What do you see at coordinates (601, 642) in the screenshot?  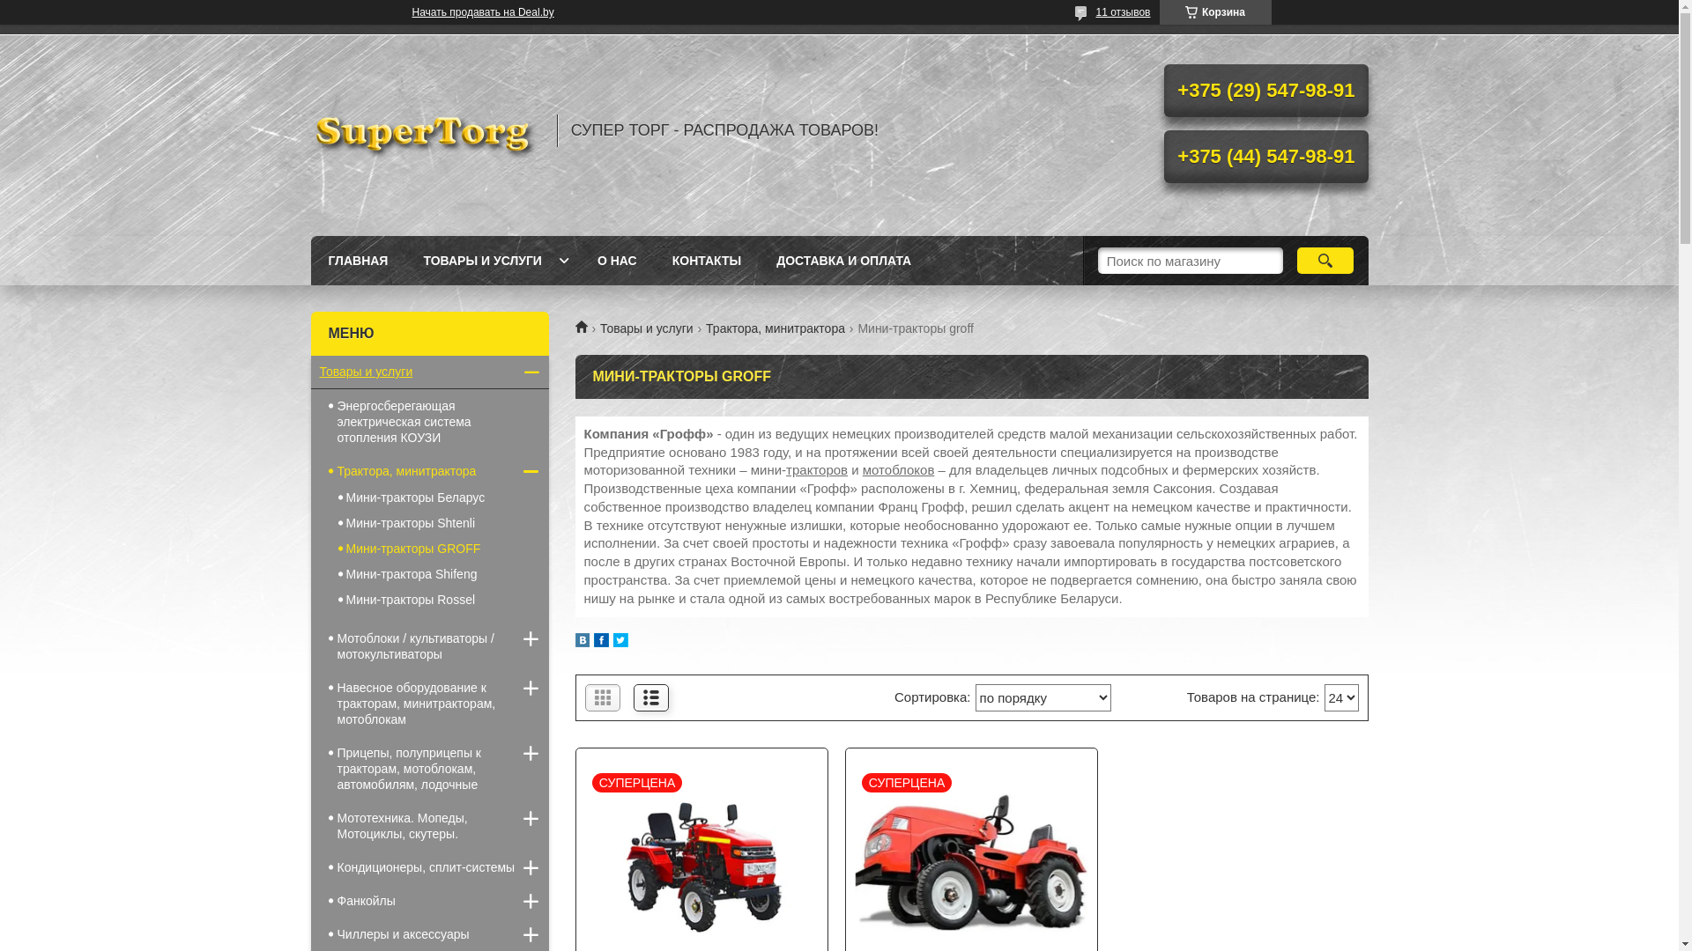 I see `'facebook'` at bounding box center [601, 642].